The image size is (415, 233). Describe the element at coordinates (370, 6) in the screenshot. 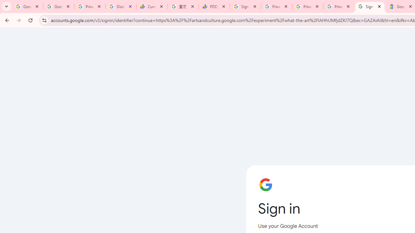

I see `'Sign in - Google Accounts'` at that location.